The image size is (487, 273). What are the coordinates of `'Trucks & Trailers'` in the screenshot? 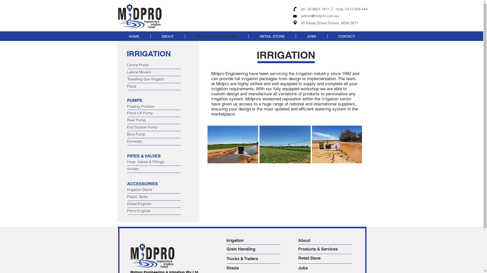 It's located at (226, 259).